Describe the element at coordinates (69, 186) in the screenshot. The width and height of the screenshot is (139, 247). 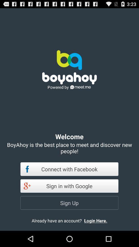
I see `the item above sign up item` at that location.